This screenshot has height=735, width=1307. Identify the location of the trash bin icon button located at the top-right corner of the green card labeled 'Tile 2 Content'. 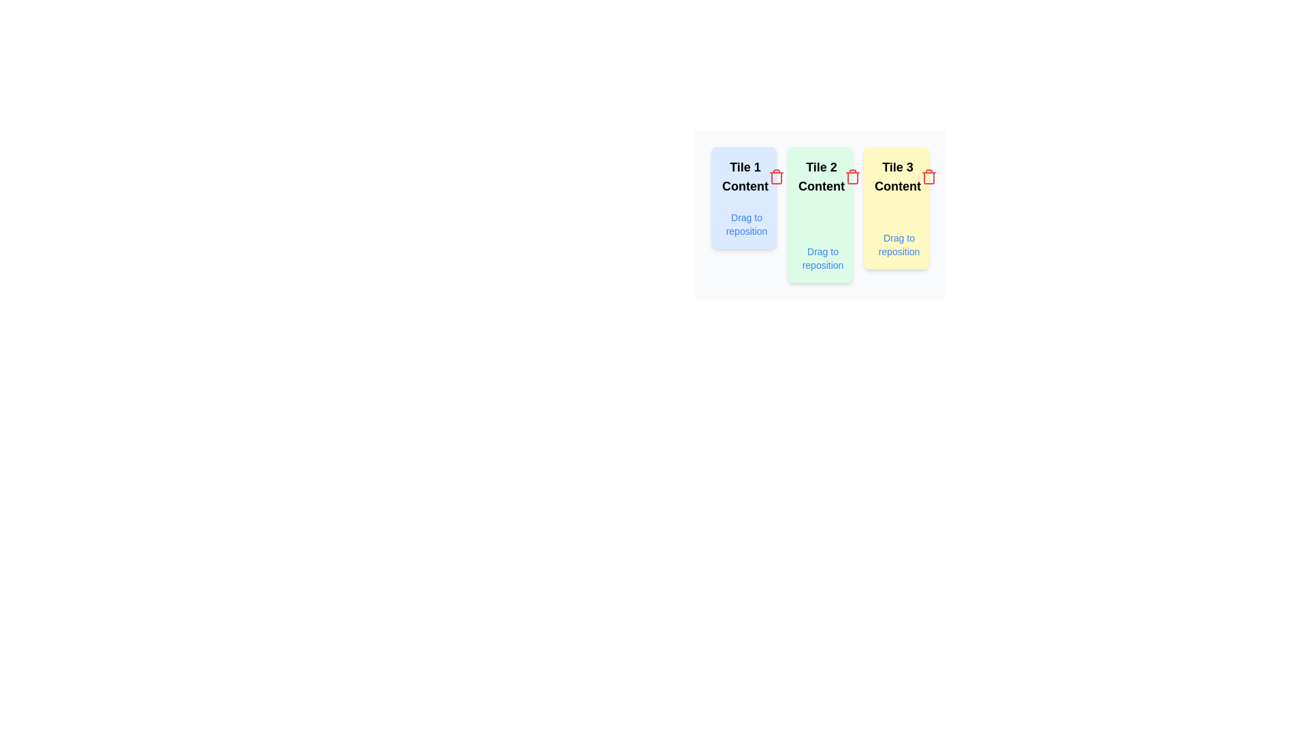
(852, 176).